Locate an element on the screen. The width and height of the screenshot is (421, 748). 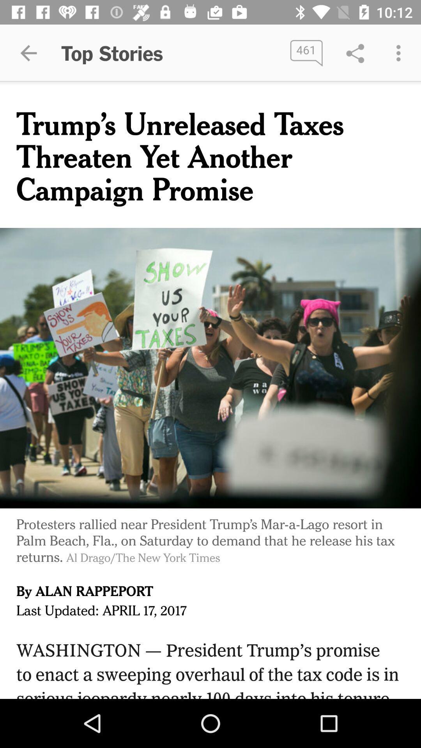
the button which is left side of the share button is located at coordinates (306, 53).